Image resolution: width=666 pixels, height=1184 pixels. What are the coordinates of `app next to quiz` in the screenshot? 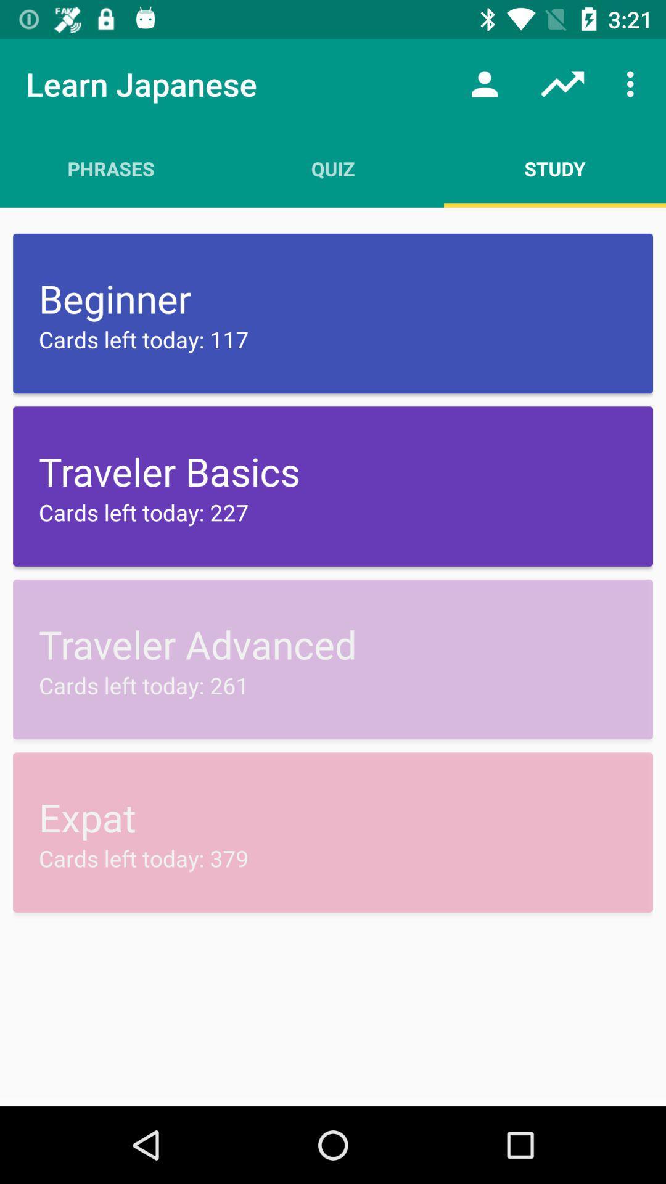 It's located at (484, 83).